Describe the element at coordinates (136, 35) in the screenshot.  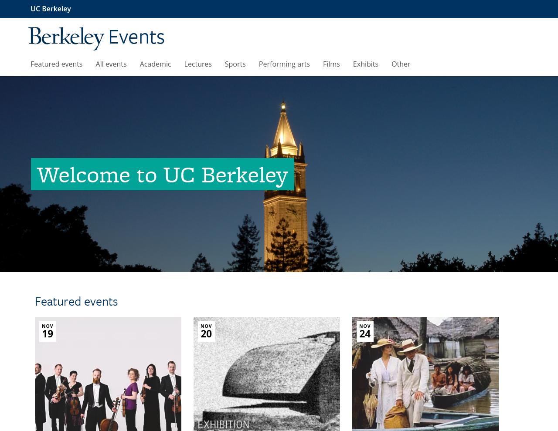
I see `'Events'` at that location.